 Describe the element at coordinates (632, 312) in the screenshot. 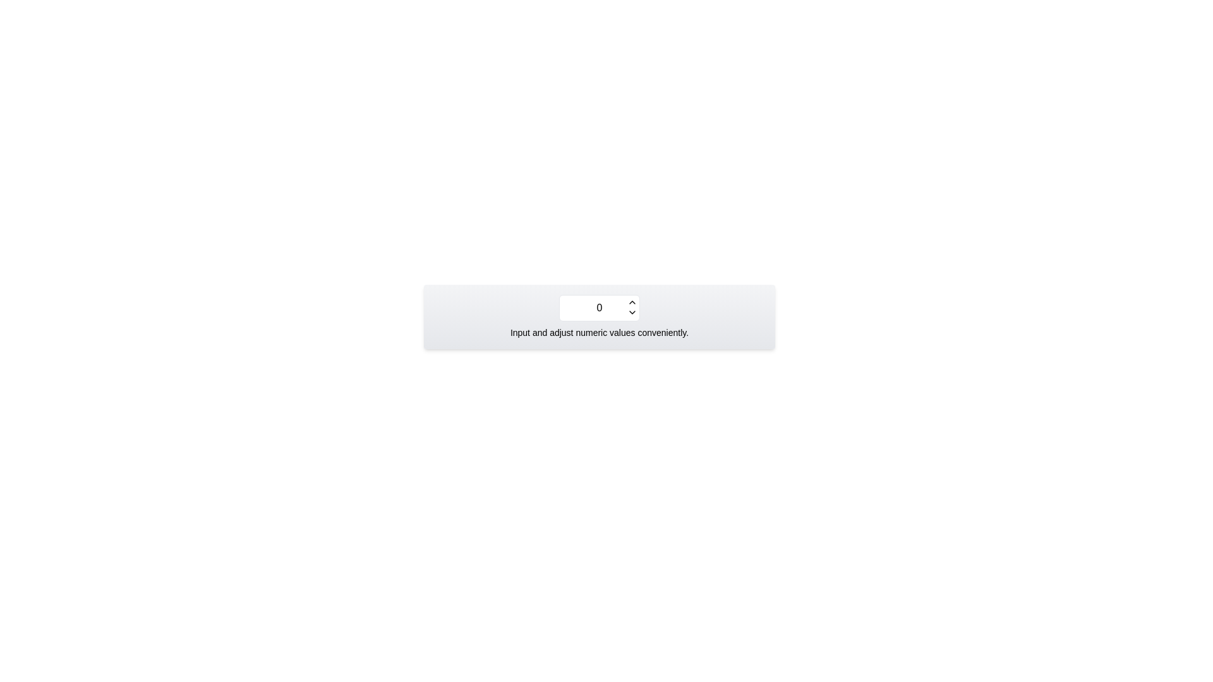

I see `the downward-pointing chevron icon located at the bottom-right corner of the numeric input field` at that location.